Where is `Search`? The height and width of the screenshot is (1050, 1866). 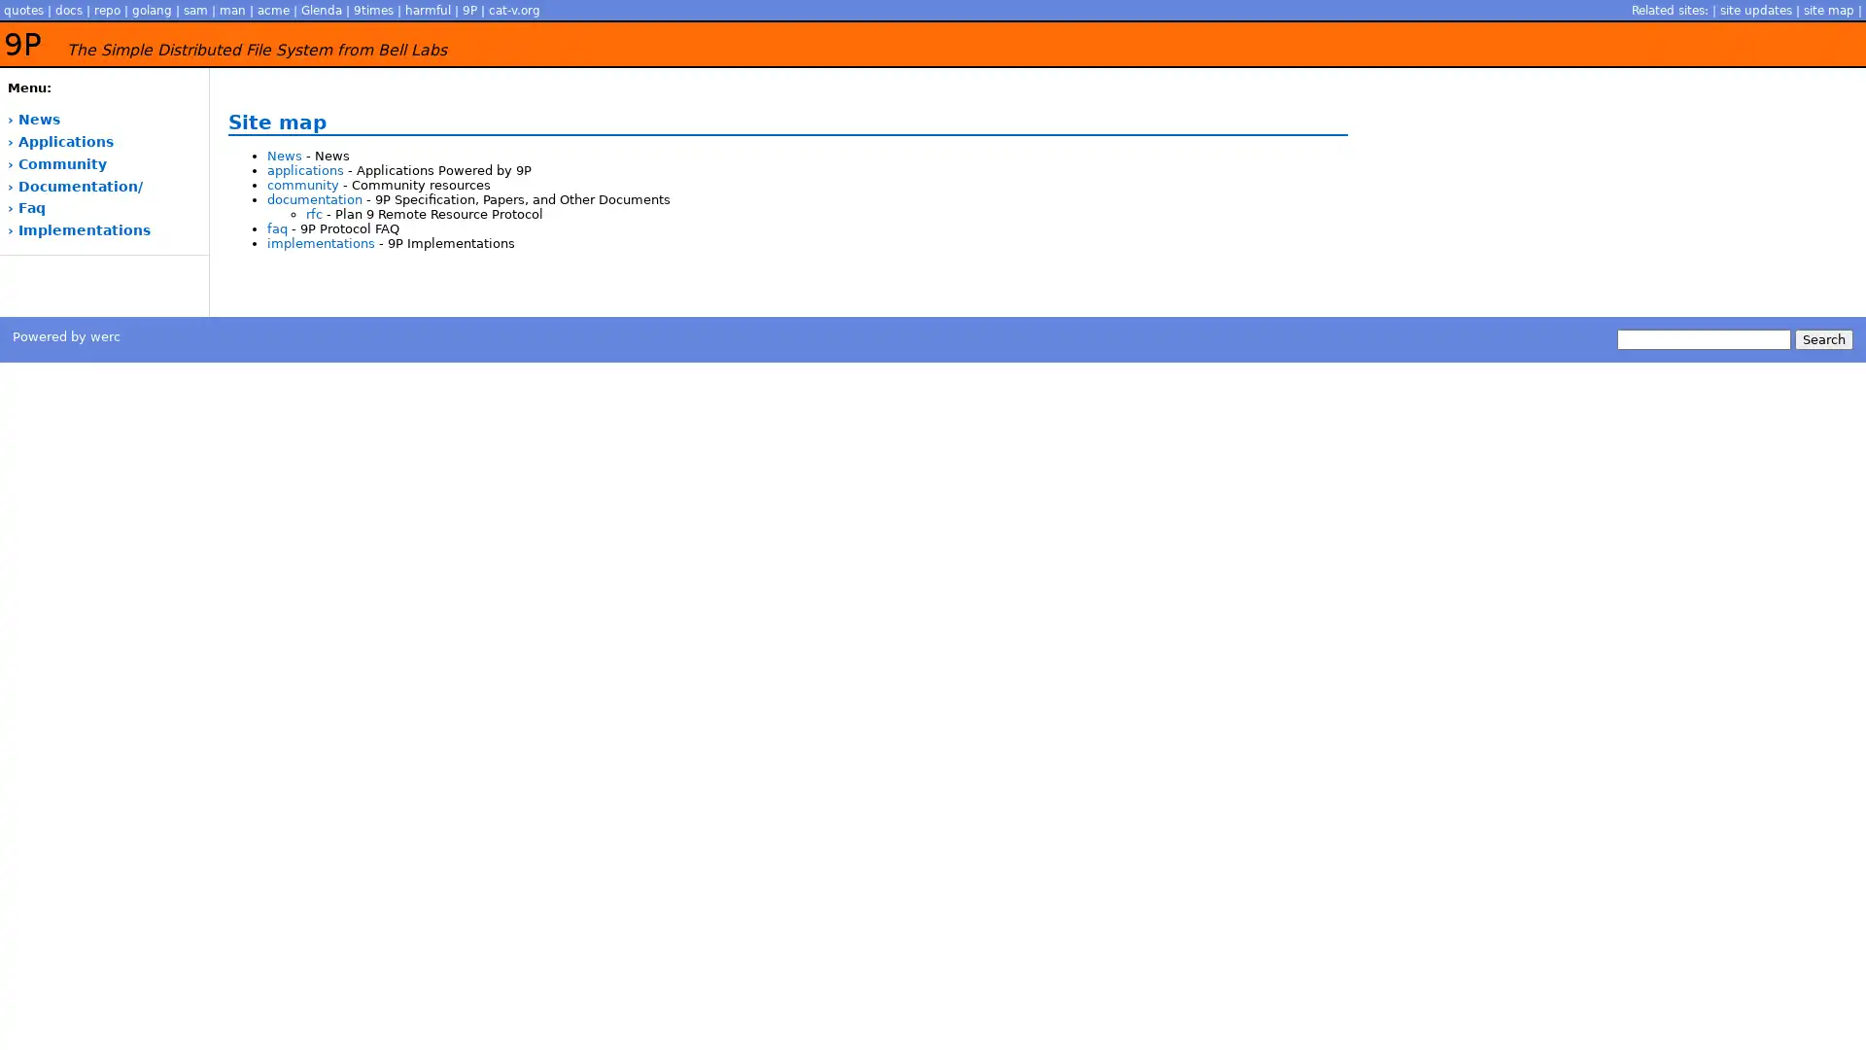 Search is located at coordinates (1822, 337).